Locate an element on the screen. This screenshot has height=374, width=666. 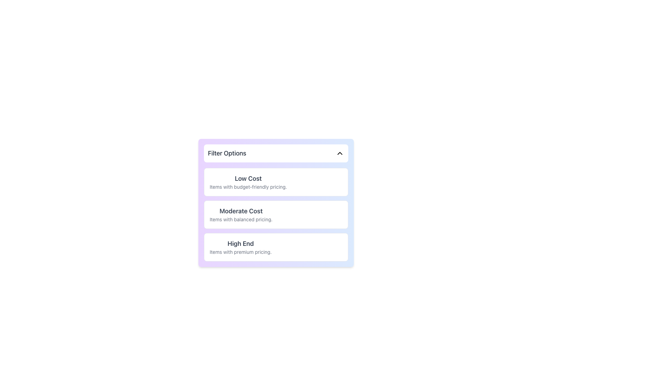
the filter options icon located to the far right of the 'Filter Options' text is located at coordinates (340, 153).